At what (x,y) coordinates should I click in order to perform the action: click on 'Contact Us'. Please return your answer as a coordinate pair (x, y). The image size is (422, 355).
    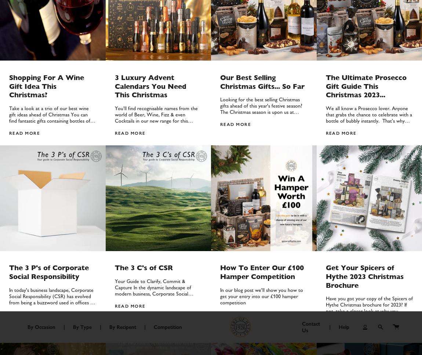
    Looking at the image, I should click on (133, 253).